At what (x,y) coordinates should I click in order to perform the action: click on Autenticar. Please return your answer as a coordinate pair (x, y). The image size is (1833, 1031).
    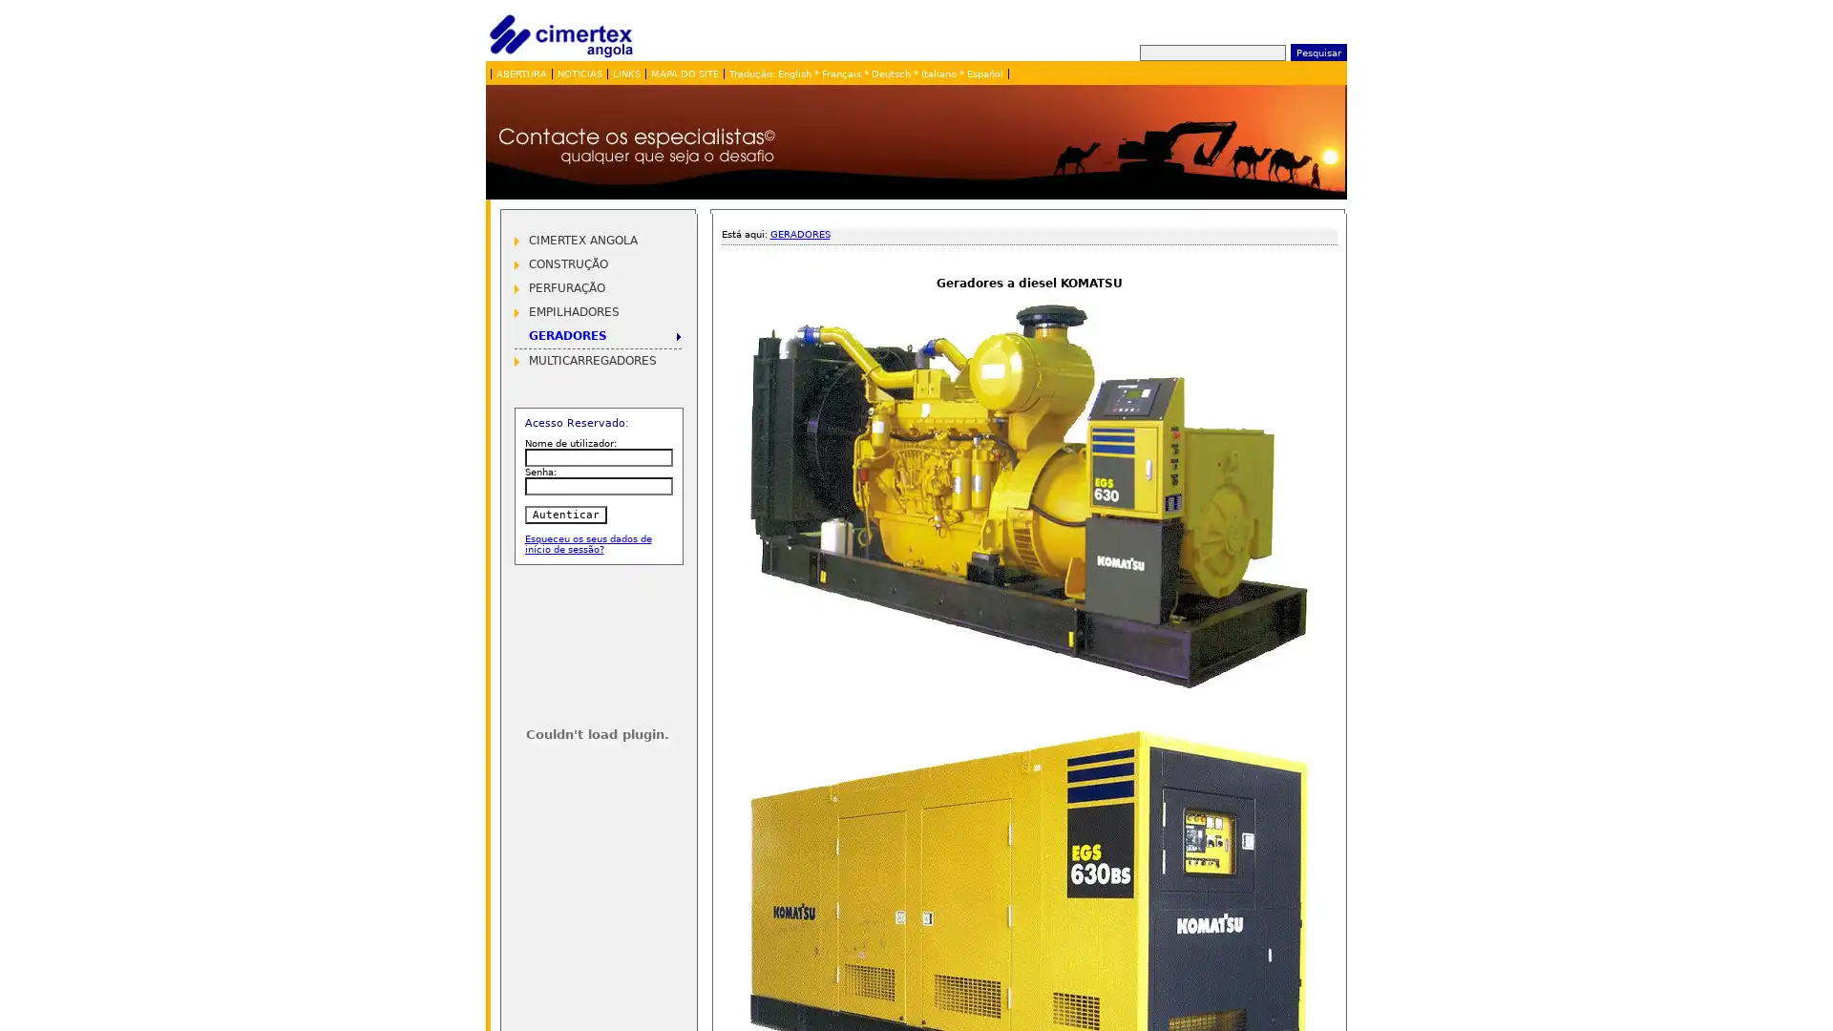
    Looking at the image, I should click on (563, 514).